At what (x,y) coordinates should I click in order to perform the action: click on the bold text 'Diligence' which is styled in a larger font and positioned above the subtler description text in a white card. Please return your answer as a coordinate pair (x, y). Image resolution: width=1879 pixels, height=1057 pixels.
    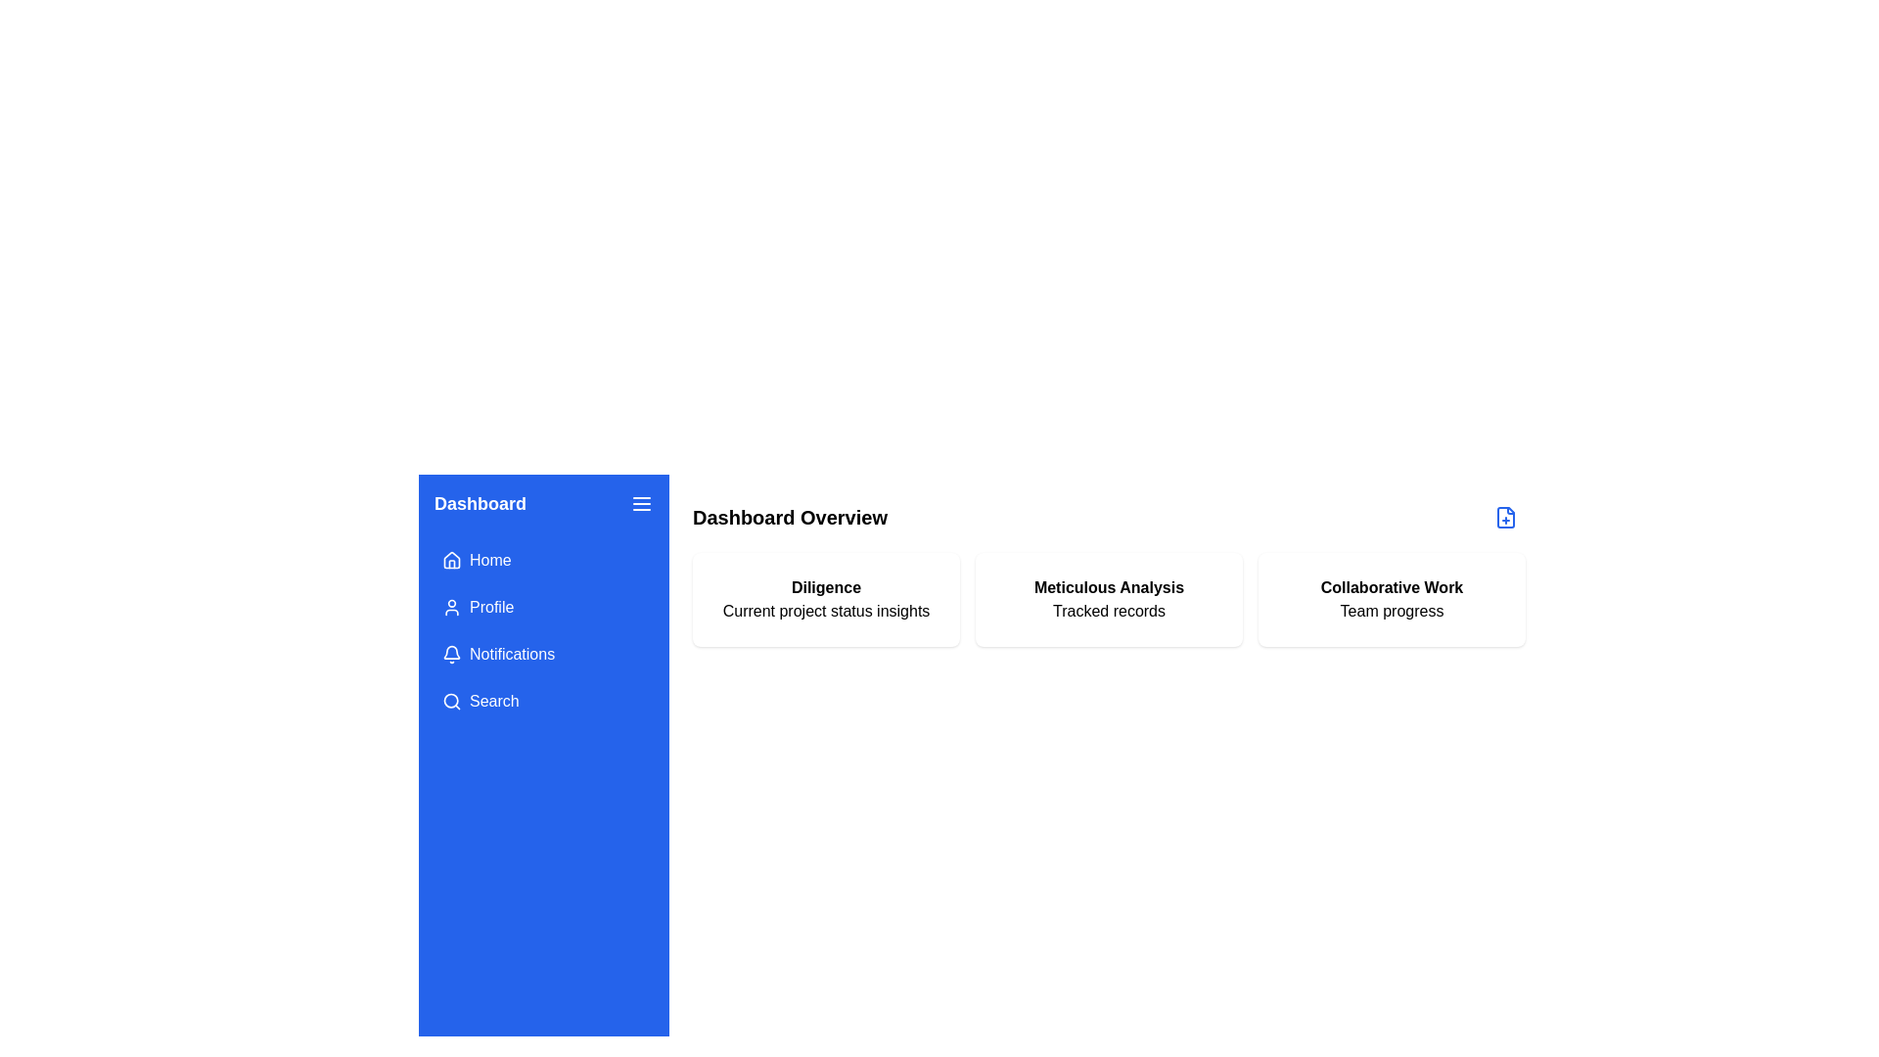
    Looking at the image, I should click on (826, 587).